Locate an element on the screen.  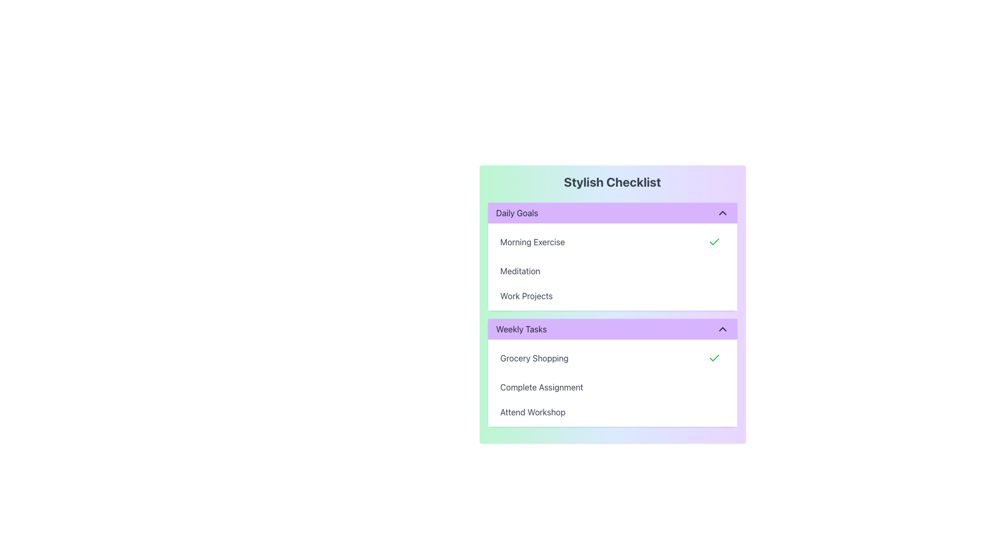
the 'Weekly Tasks' text label is located at coordinates (521, 329).